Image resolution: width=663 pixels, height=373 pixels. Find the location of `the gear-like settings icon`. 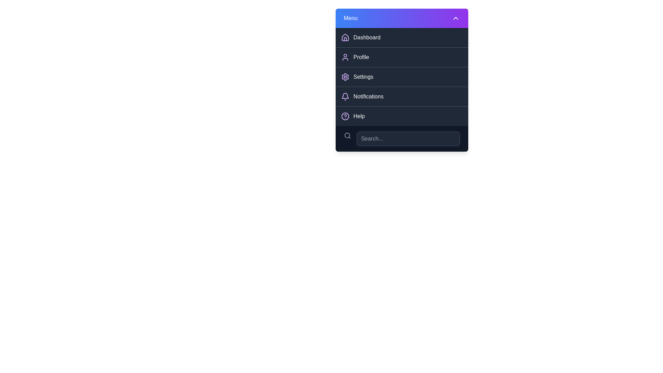

the gear-like settings icon is located at coordinates (345, 77).